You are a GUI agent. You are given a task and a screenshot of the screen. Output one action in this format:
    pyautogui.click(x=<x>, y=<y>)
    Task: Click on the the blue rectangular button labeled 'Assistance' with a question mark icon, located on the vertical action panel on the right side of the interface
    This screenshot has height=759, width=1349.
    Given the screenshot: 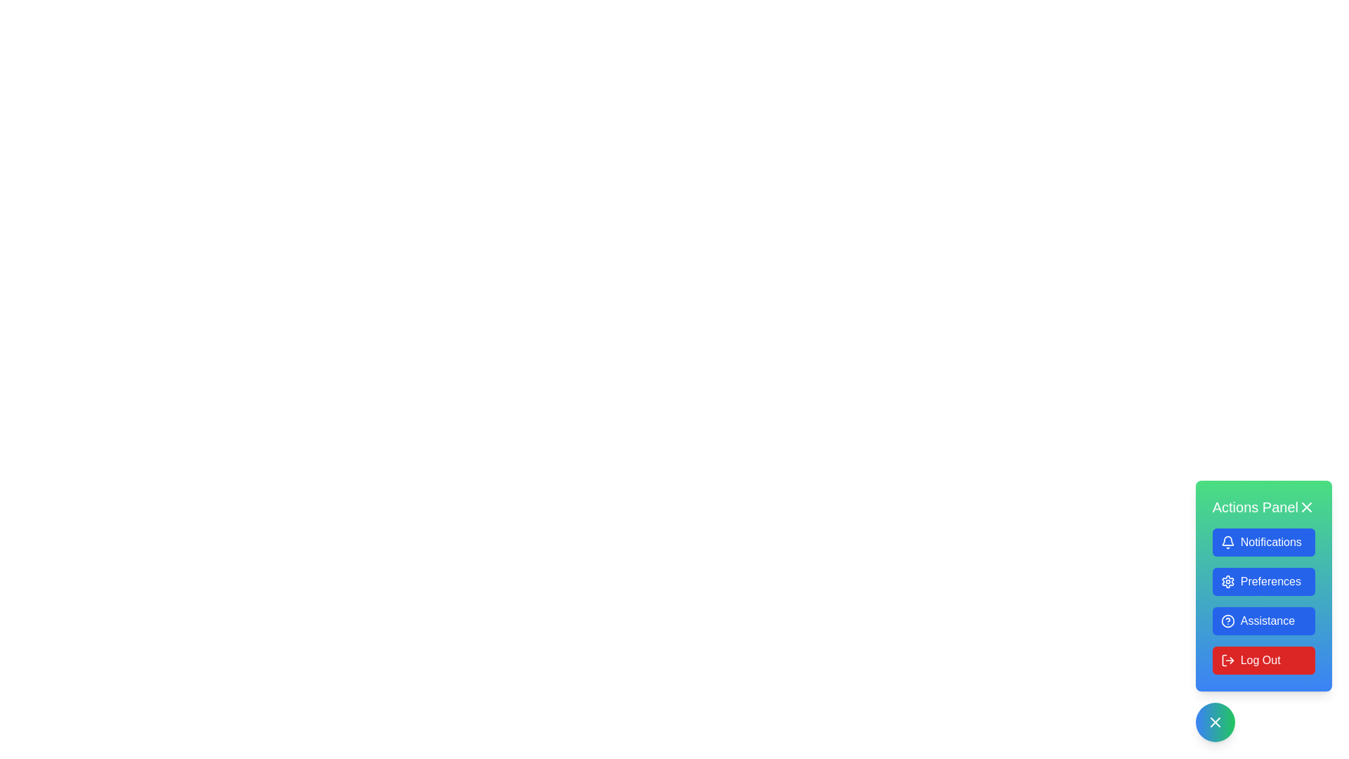 What is the action you would take?
    pyautogui.click(x=1263, y=620)
    